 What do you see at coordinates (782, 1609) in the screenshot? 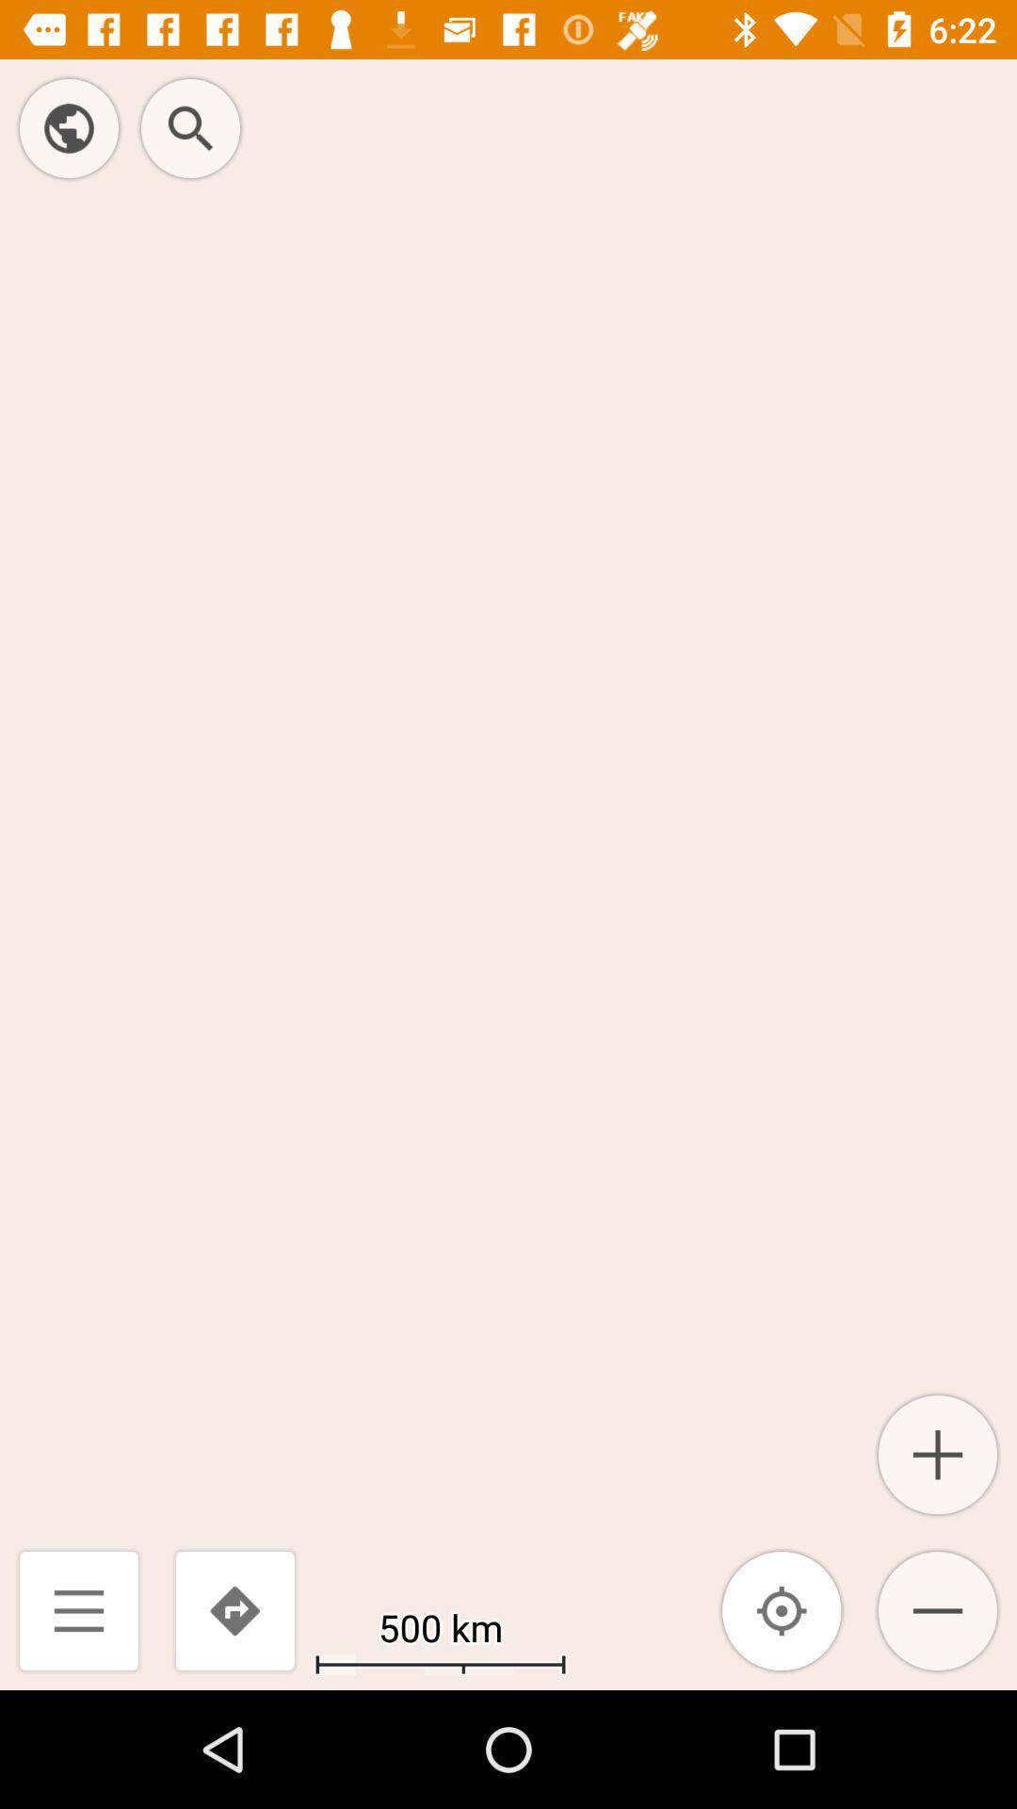
I see `the location_crosshair icon` at bounding box center [782, 1609].